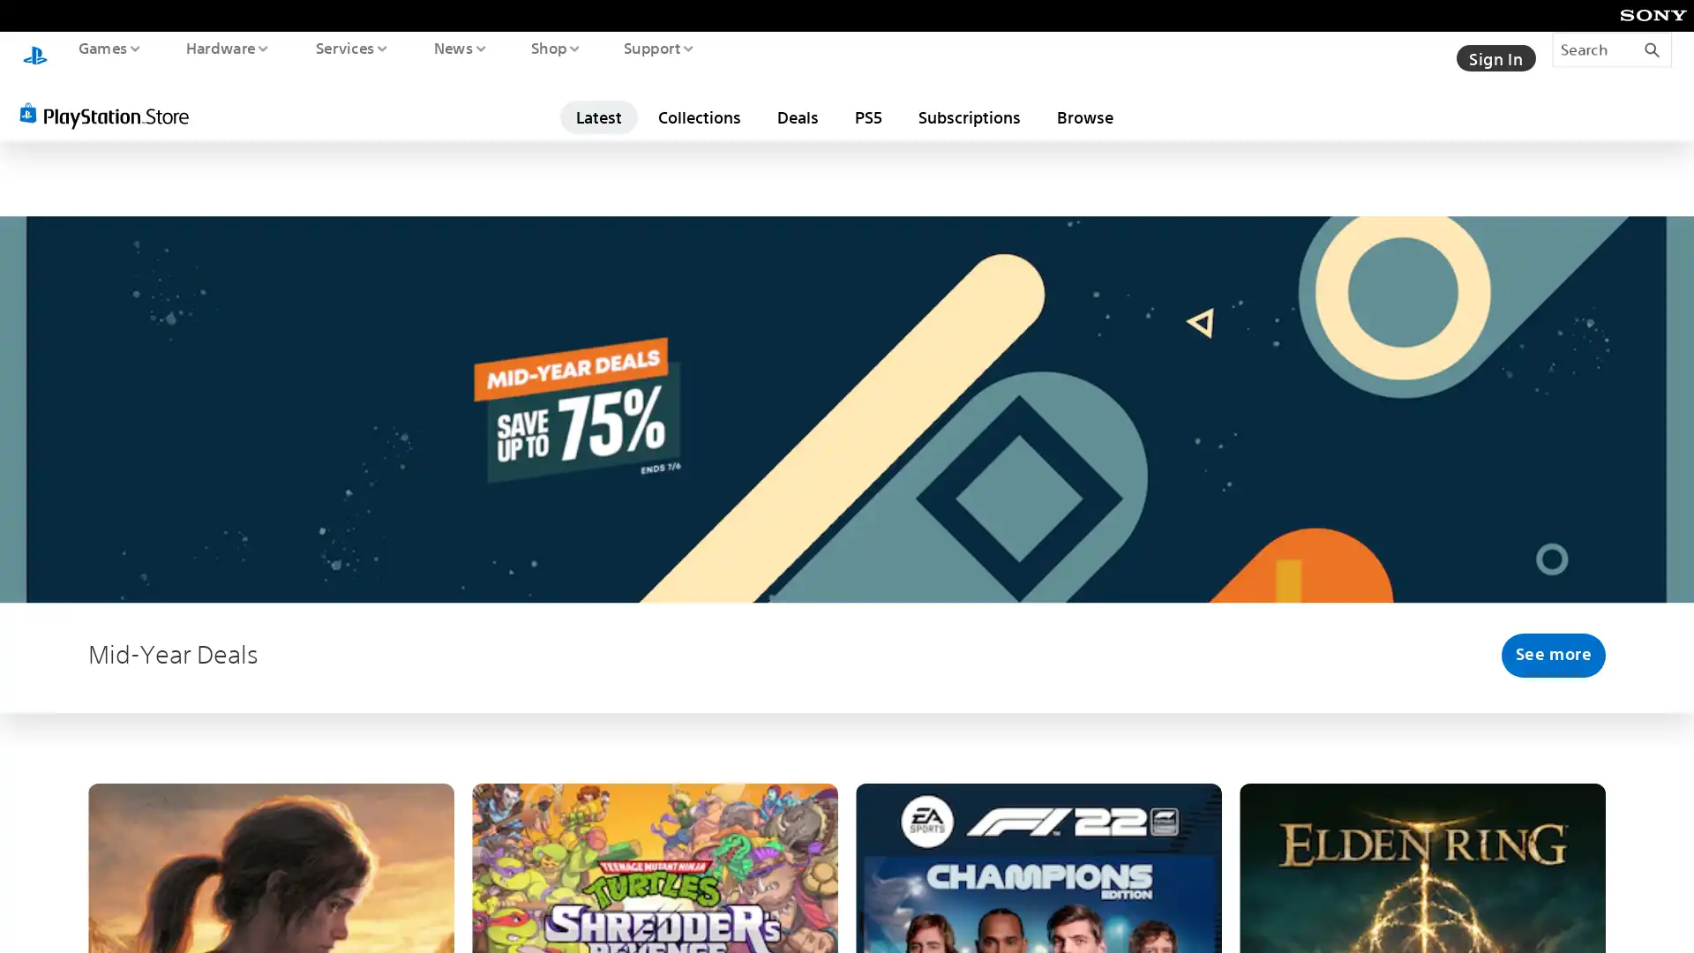 Image resolution: width=1694 pixels, height=953 pixels. Describe the element at coordinates (1612, 49) in the screenshot. I see `Search` at that location.